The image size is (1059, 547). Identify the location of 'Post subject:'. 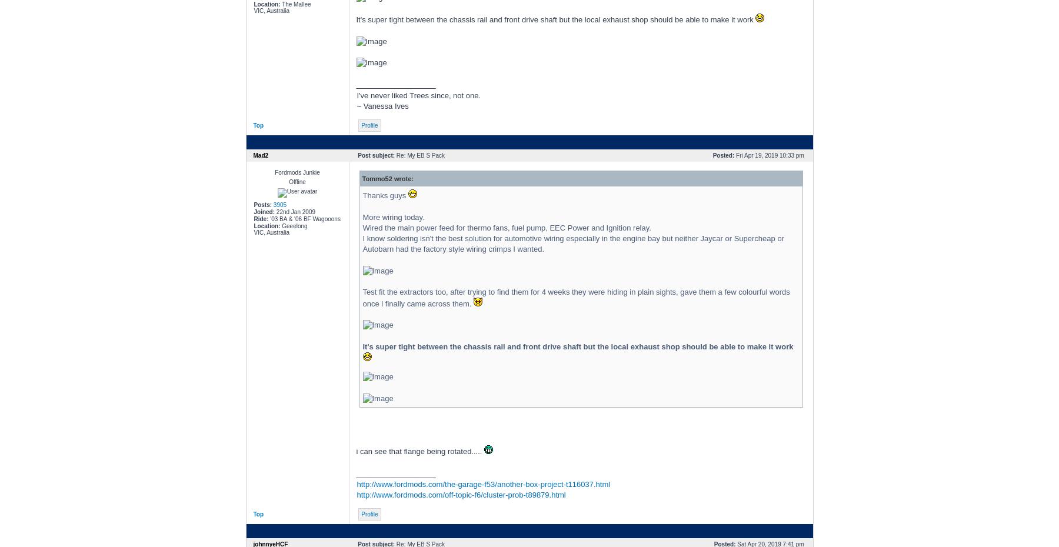
(376, 155).